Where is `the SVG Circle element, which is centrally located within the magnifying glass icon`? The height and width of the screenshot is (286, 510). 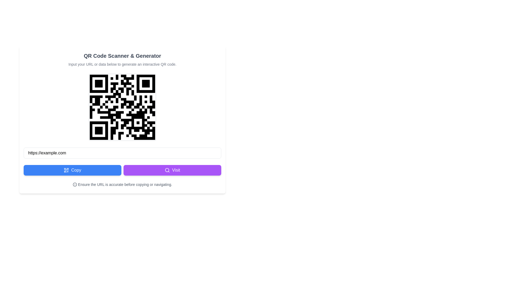 the SVG Circle element, which is centrally located within the magnifying glass icon is located at coordinates (167, 170).